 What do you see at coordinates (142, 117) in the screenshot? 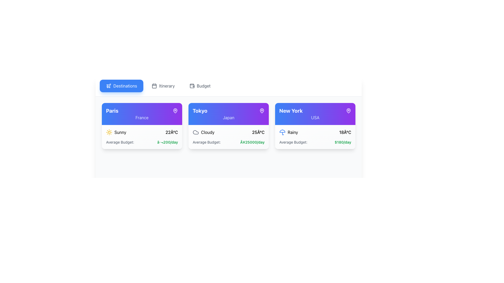
I see `the static text label displaying 'France', which provides geographical context to the title 'Paris'` at bounding box center [142, 117].